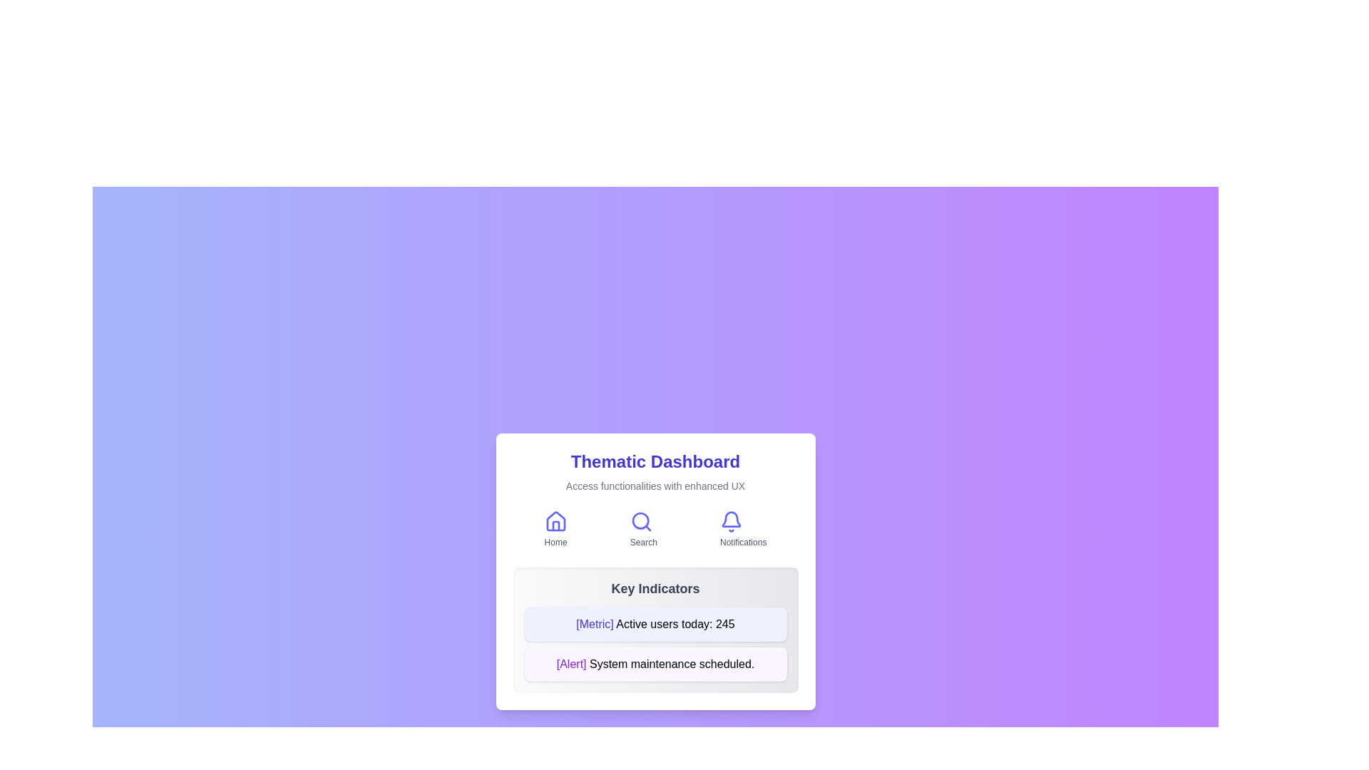 Image resolution: width=1369 pixels, height=770 pixels. I want to click on the text label indicating search functionality located at the bottom of the clickable group in the central section of the interface's toolbar, so click(642, 542).